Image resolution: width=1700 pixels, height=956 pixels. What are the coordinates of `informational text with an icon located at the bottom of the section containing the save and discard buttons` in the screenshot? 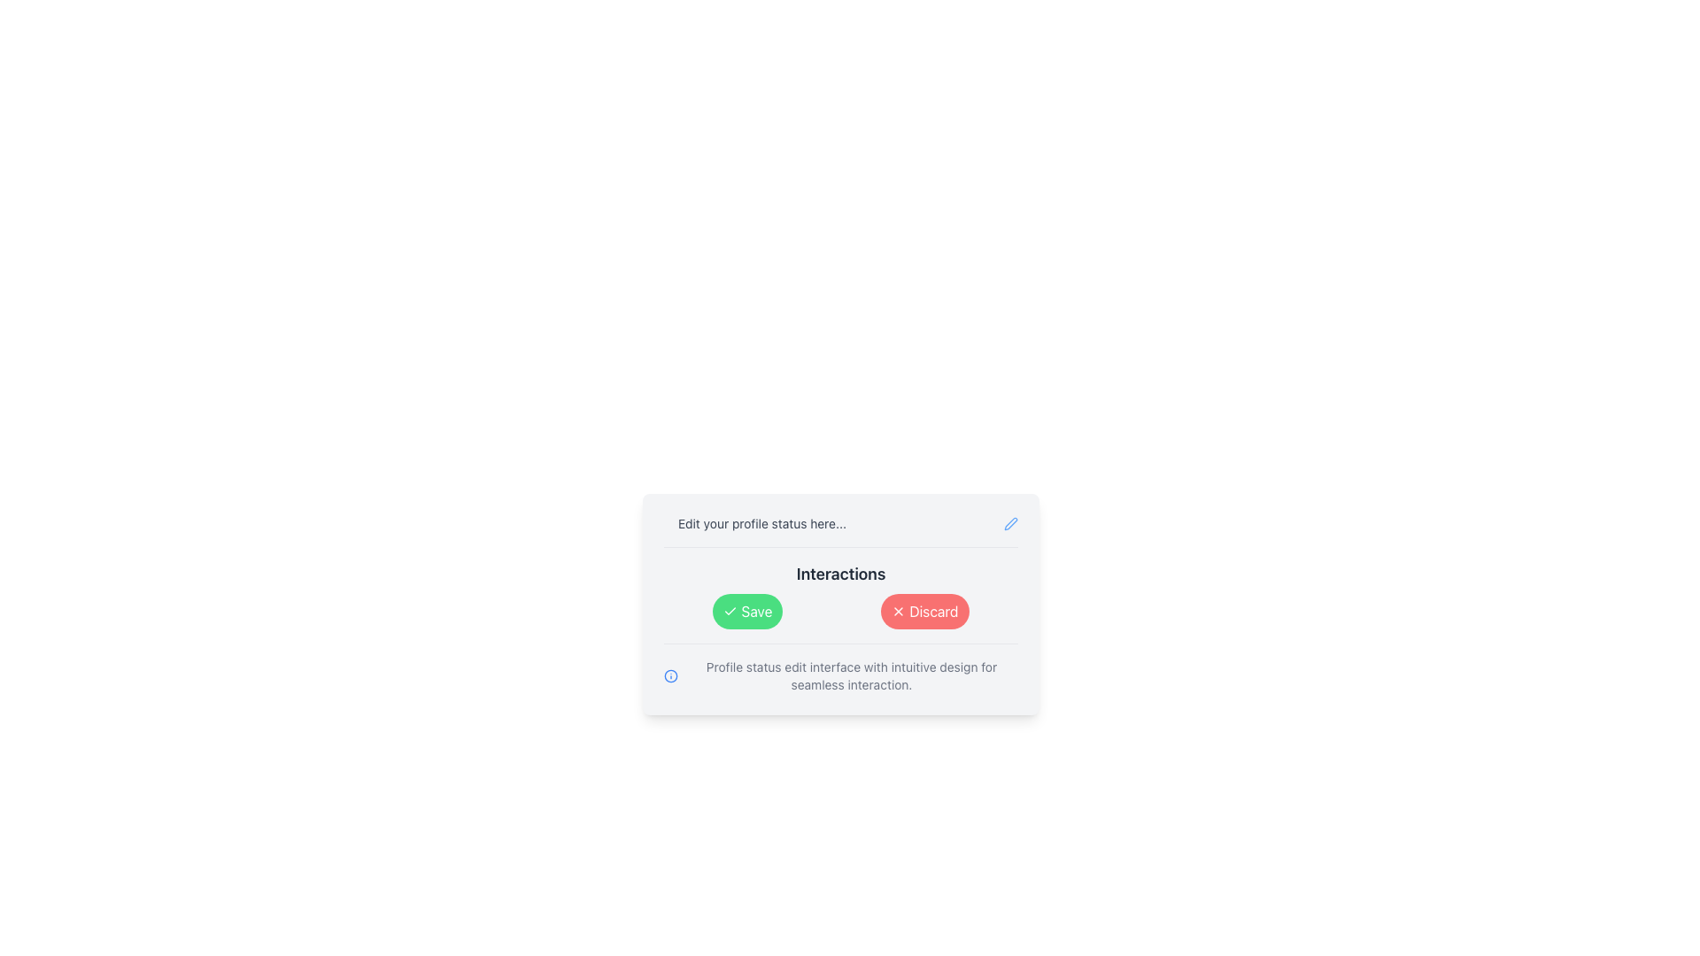 It's located at (840, 675).